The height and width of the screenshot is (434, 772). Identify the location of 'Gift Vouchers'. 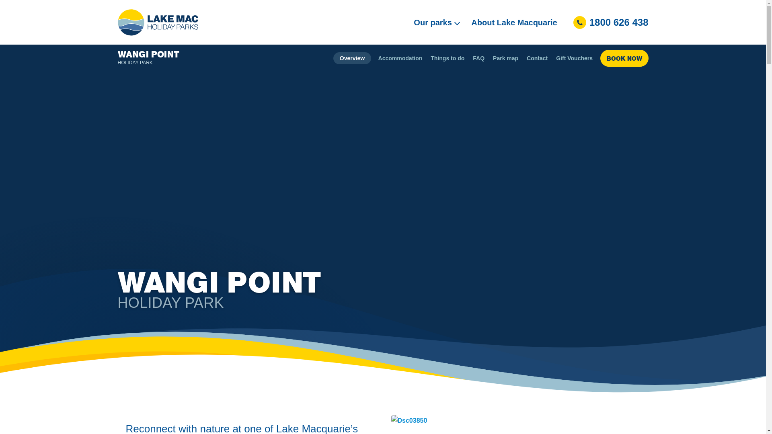
(551, 58).